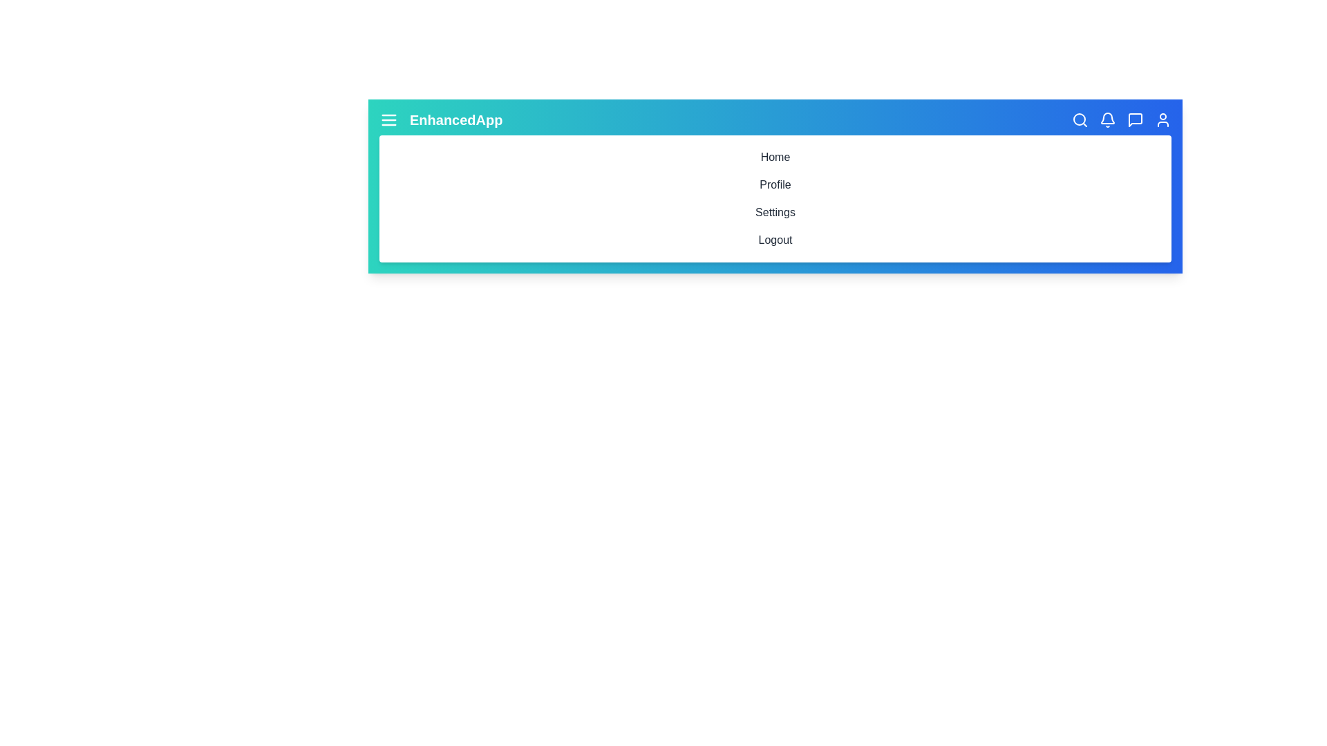 This screenshot has height=746, width=1327. I want to click on the navigation item Home in the menu, so click(775, 156).